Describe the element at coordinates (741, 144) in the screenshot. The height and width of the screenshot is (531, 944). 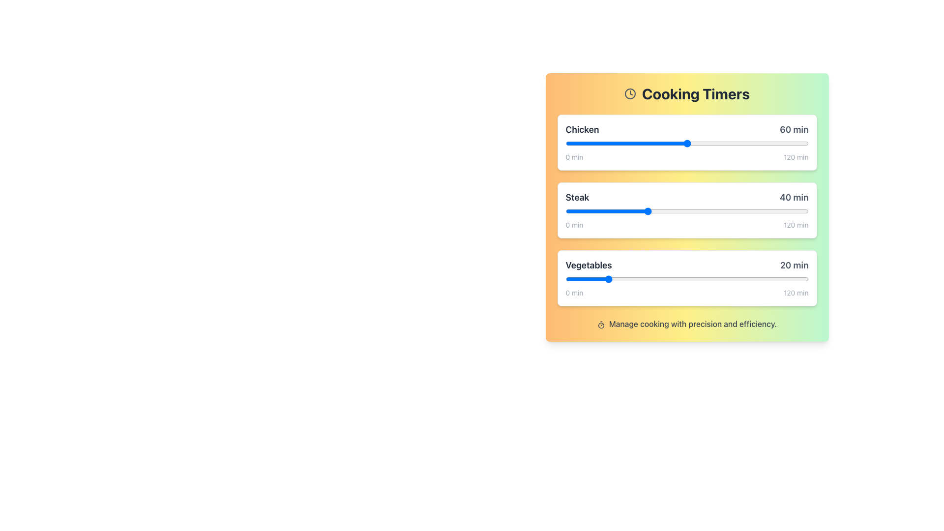
I see `the cooking timer value` at that location.